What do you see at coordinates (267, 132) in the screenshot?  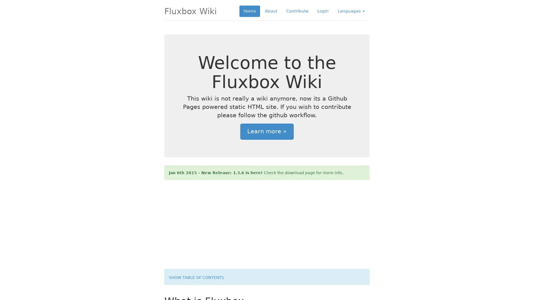 I see `Learn more` at bounding box center [267, 132].